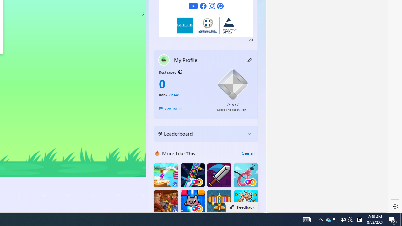 The height and width of the screenshot is (226, 402). Describe the element at coordinates (157, 153) in the screenshot. I see `'More Like This'` at that location.